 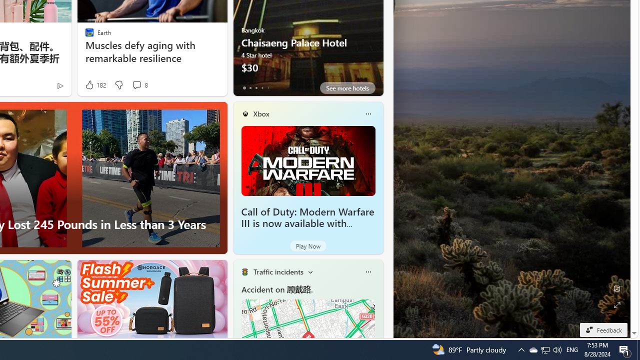 I want to click on 'tab-0', so click(x=244, y=87).